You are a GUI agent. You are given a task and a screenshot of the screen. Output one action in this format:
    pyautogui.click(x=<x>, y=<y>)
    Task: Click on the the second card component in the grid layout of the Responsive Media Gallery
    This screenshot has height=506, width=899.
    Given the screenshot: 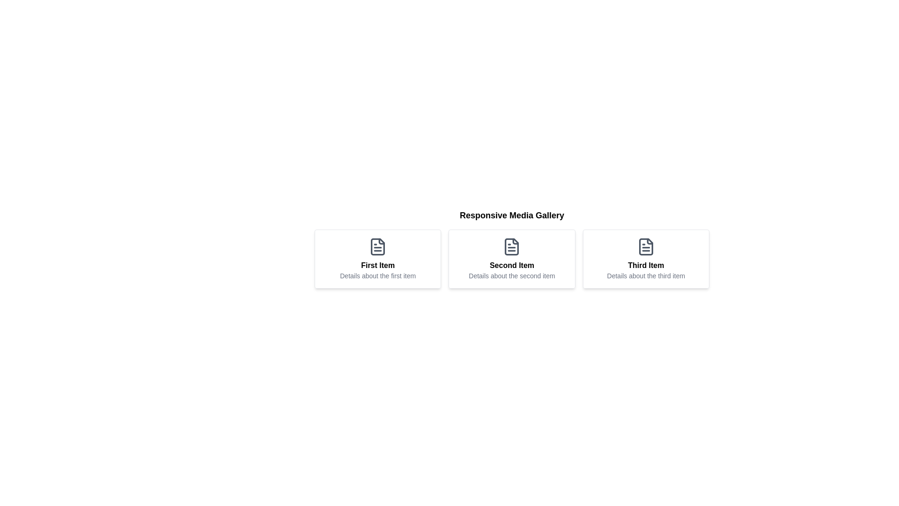 What is the action you would take?
    pyautogui.click(x=511, y=259)
    